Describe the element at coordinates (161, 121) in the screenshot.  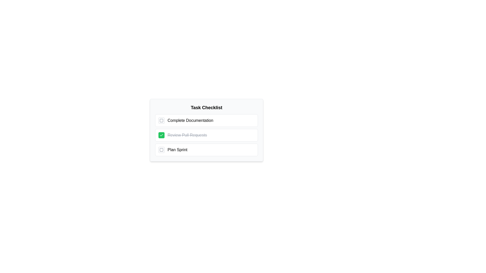
I see `the leftmost icon in the first row of the checklist` at that location.